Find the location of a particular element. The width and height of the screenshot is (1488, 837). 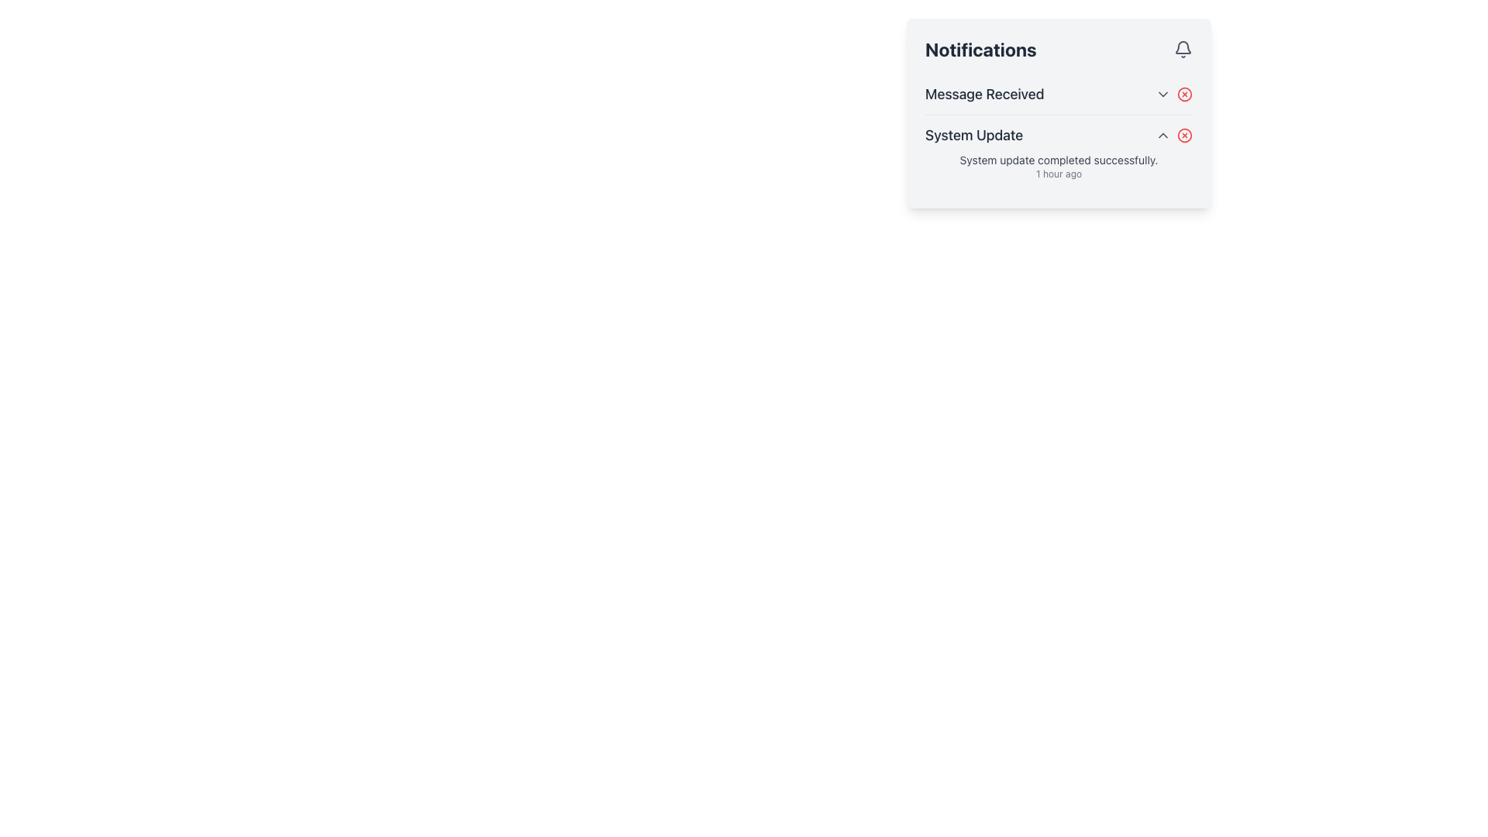

the Text Label that indicates a received message within the notification card's header area, located at the top-left portion of the card is located at coordinates (983, 95).